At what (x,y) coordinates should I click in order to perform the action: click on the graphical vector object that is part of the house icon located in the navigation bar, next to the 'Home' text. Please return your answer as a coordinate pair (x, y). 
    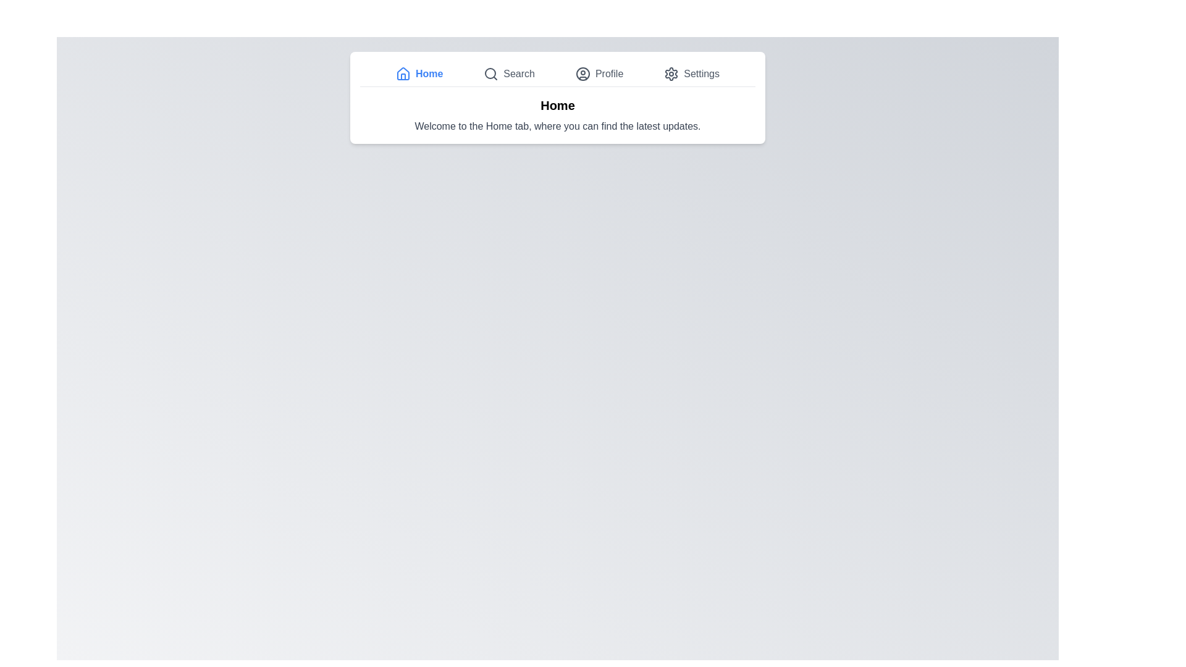
    Looking at the image, I should click on (403, 77).